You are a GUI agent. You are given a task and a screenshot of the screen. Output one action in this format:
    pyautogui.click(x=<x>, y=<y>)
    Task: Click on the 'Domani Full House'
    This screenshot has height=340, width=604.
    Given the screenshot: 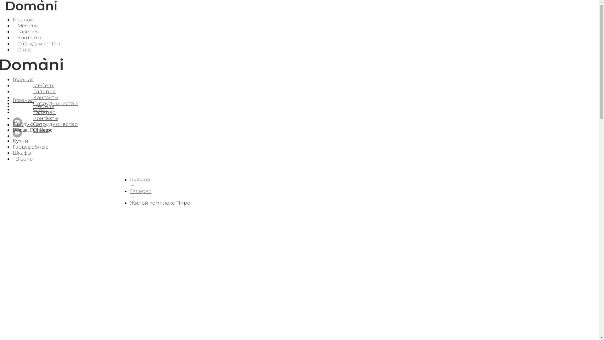 What is the action you would take?
    pyautogui.click(x=32, y=129)
    